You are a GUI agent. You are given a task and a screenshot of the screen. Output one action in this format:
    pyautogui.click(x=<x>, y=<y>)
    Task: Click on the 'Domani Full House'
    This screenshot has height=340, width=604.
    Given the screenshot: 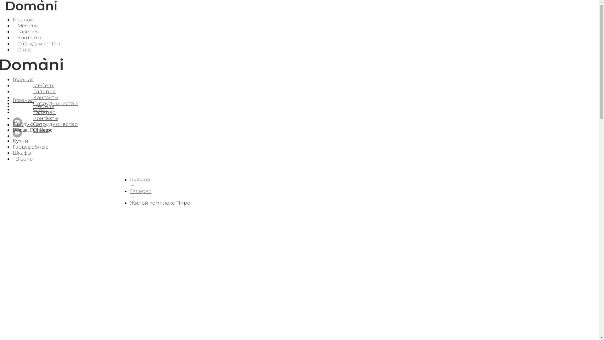 What is the action you would take?
    pyautogui.click(x=32, y=129)
    